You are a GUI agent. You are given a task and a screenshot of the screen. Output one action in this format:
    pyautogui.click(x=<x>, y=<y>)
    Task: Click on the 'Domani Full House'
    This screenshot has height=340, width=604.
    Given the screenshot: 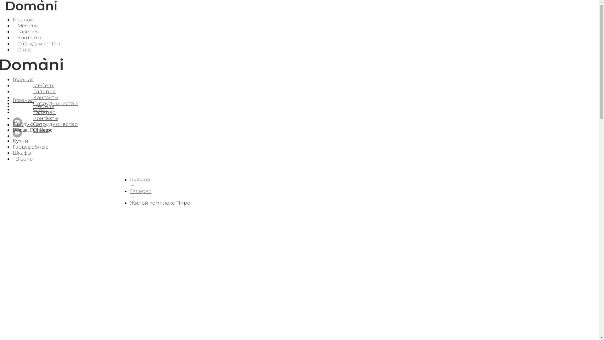 What is the action you would take?
    pyautogui.click(x=32, y=129)
    